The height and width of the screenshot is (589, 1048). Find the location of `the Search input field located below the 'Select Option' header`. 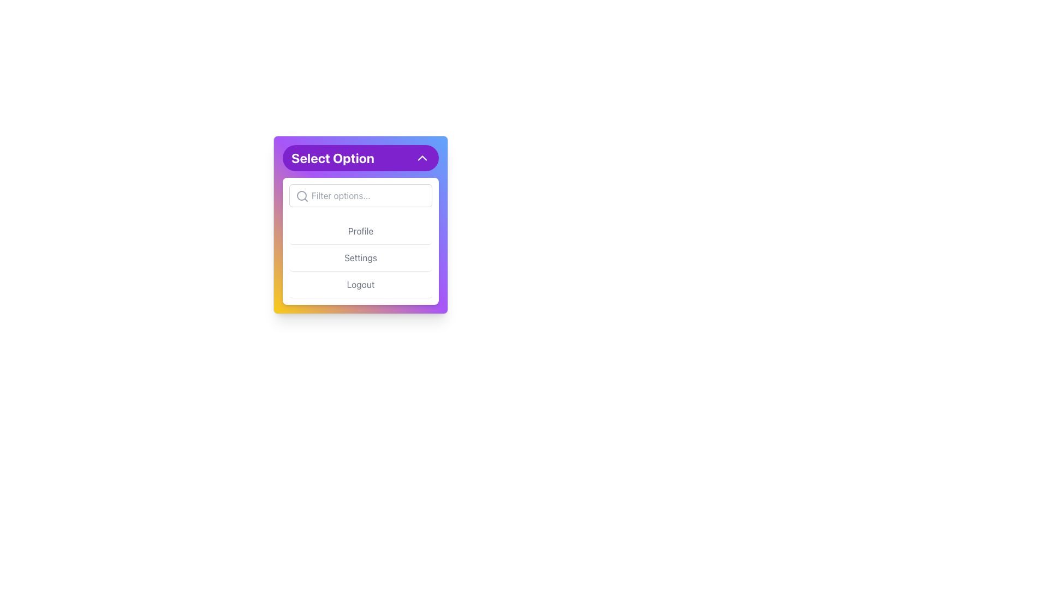

the Search input field located below the 'Select Option' header is located at coordinates (361, 195).